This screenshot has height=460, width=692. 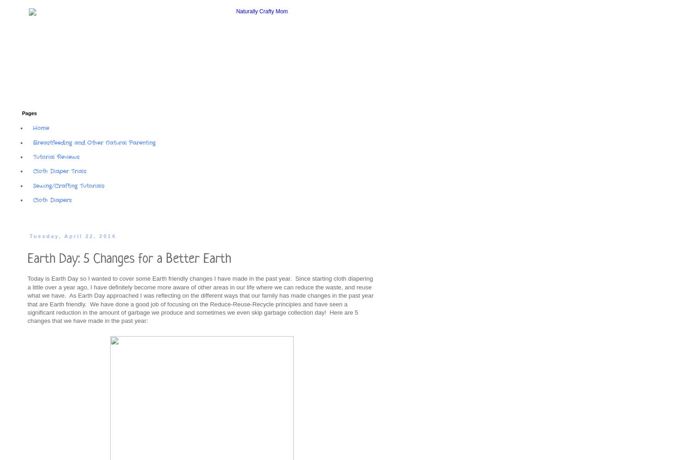 I want to click on 'Tutorial Reviews', so click(x=56, y=156).